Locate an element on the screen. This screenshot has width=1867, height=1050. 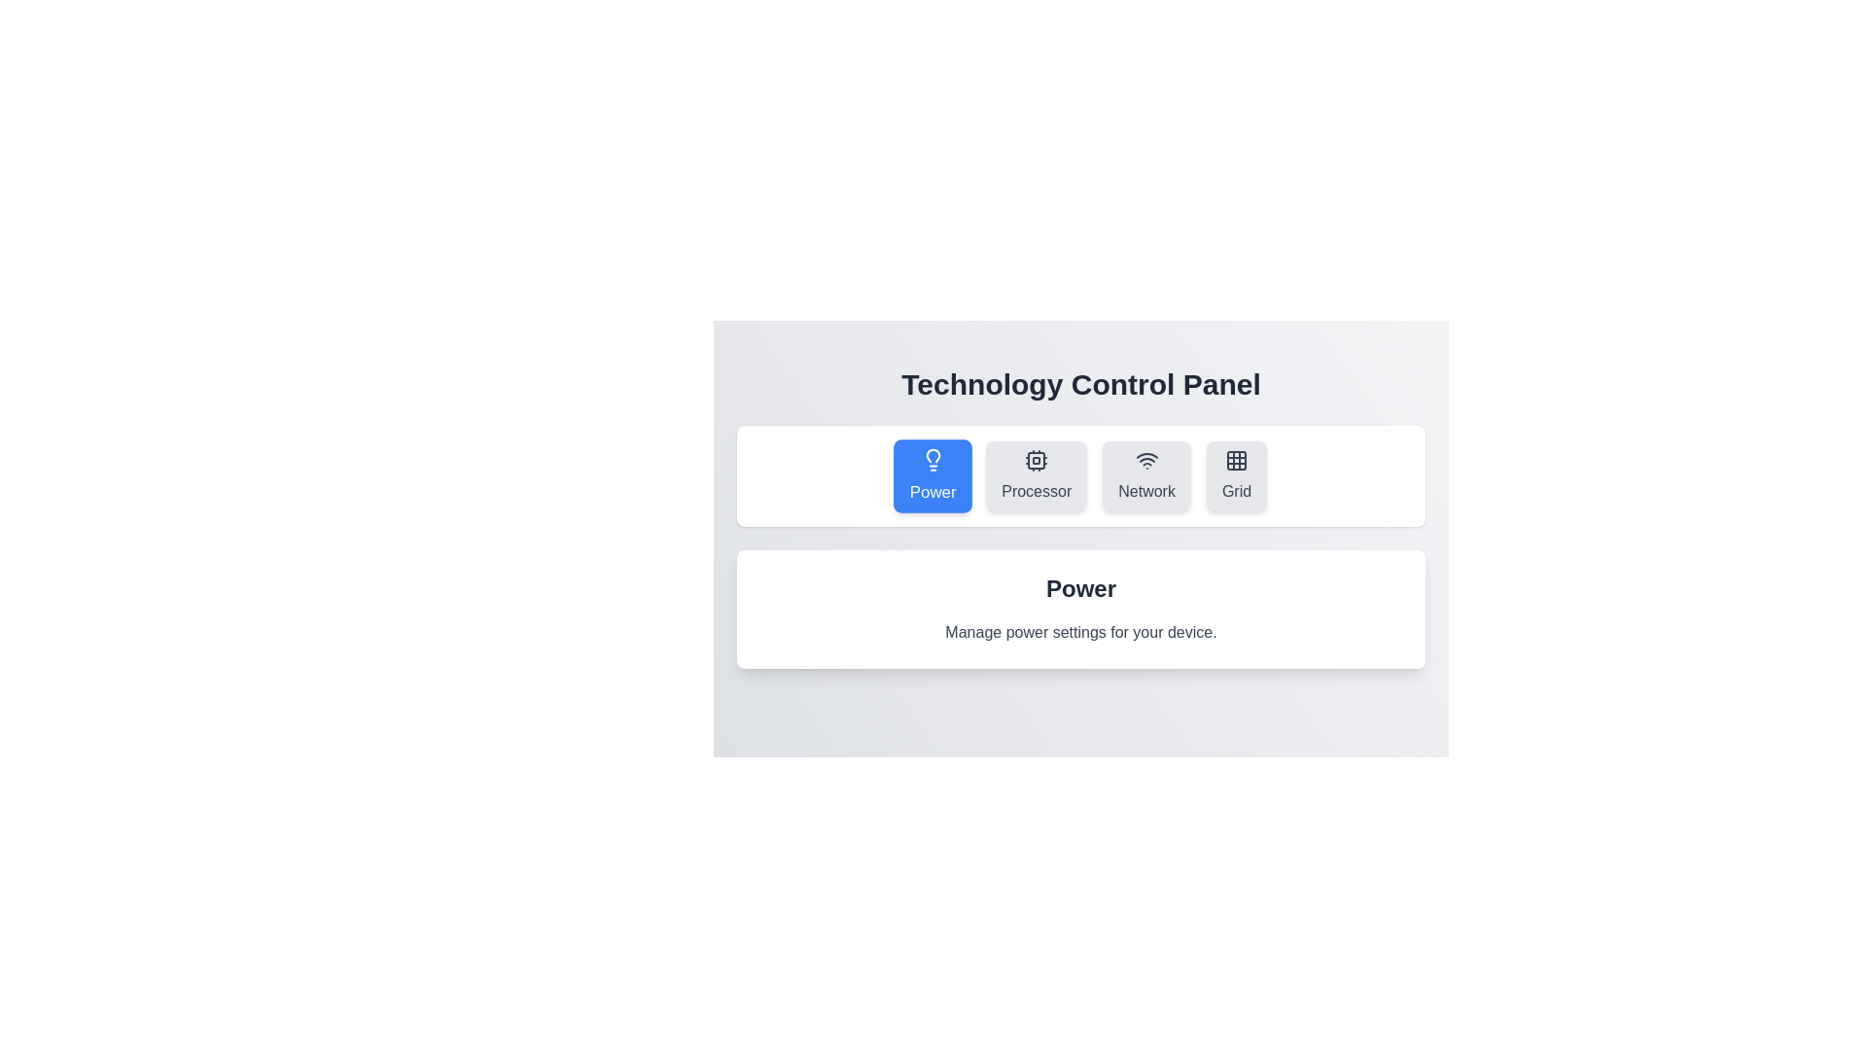
the Grid tab button to observe the hover effect is located at coordinates (1236, 475).